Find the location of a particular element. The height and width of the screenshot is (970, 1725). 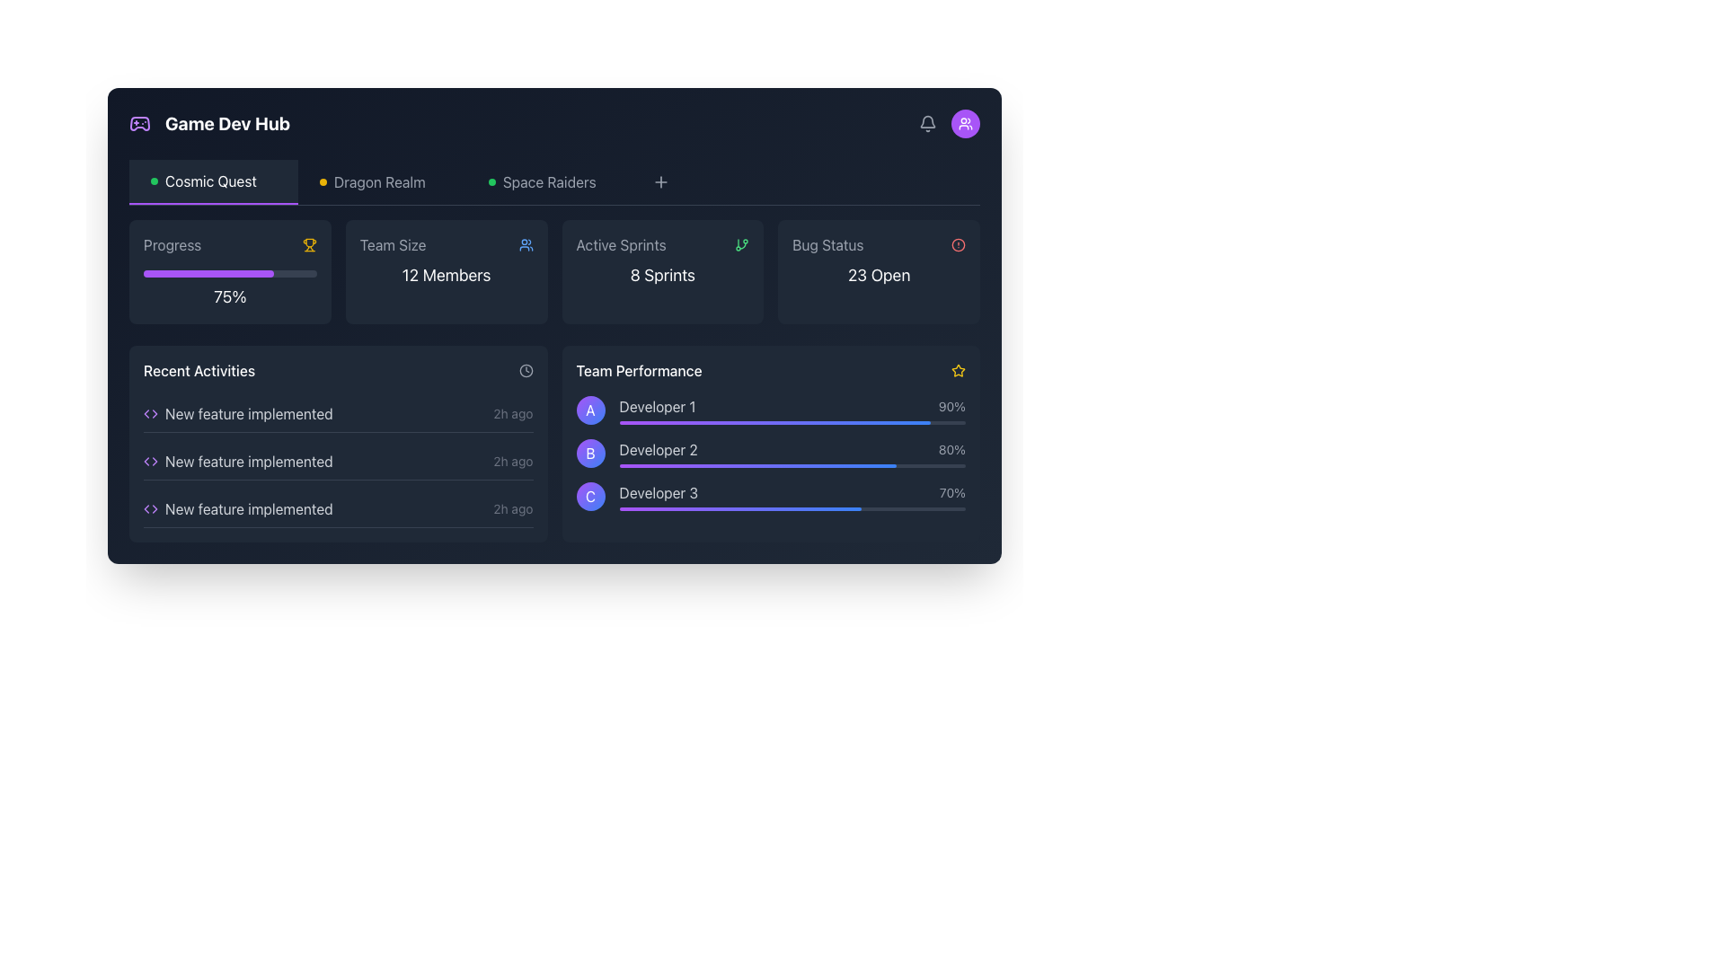

the 'Active Sprints' label, which is a gray text label located in the top-center area of the interface within a card component is located at coordinates (621, 245).